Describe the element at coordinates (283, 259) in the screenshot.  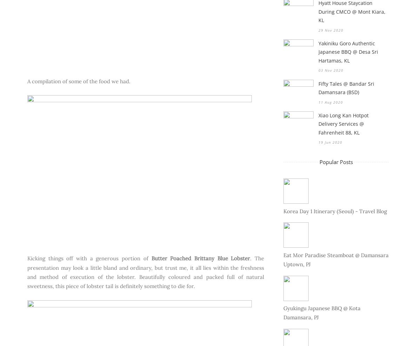
I see `'Eat Mor Paradise Steamboat @ Damansara Uptown, PJ'` at that location.